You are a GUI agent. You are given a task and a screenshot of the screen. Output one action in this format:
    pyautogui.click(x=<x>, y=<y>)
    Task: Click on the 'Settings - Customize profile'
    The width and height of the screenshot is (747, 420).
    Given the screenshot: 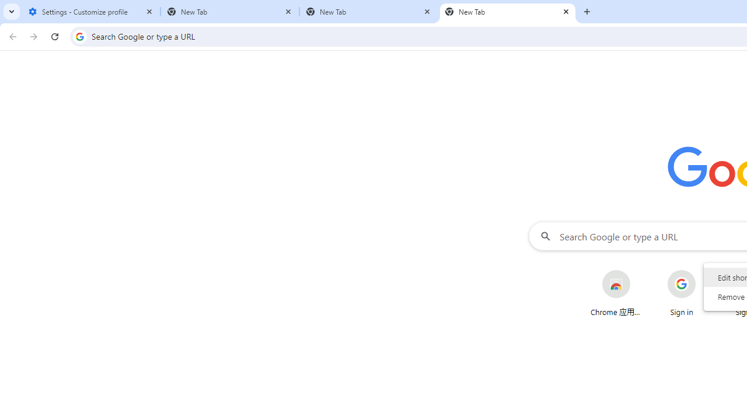 What is the action you would take?
    pyautogui.click(x=90, y=12)
    